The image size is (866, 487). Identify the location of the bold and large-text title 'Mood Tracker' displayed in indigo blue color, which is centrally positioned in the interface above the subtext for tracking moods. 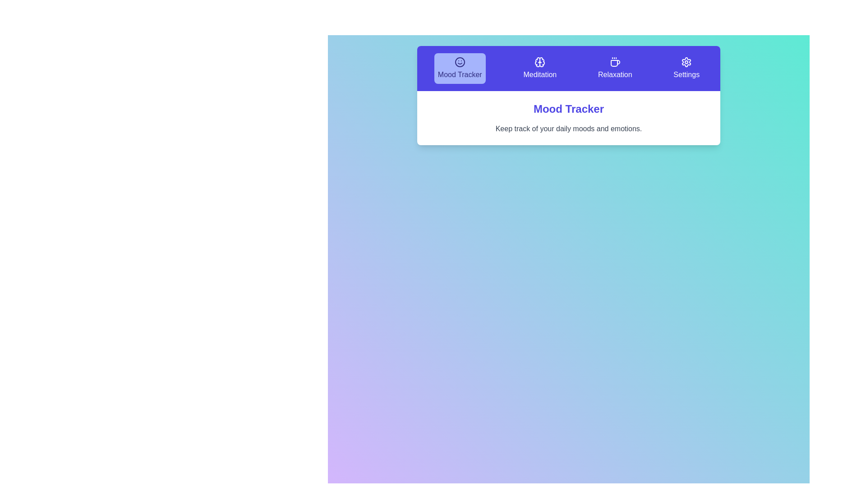
(568, 109).